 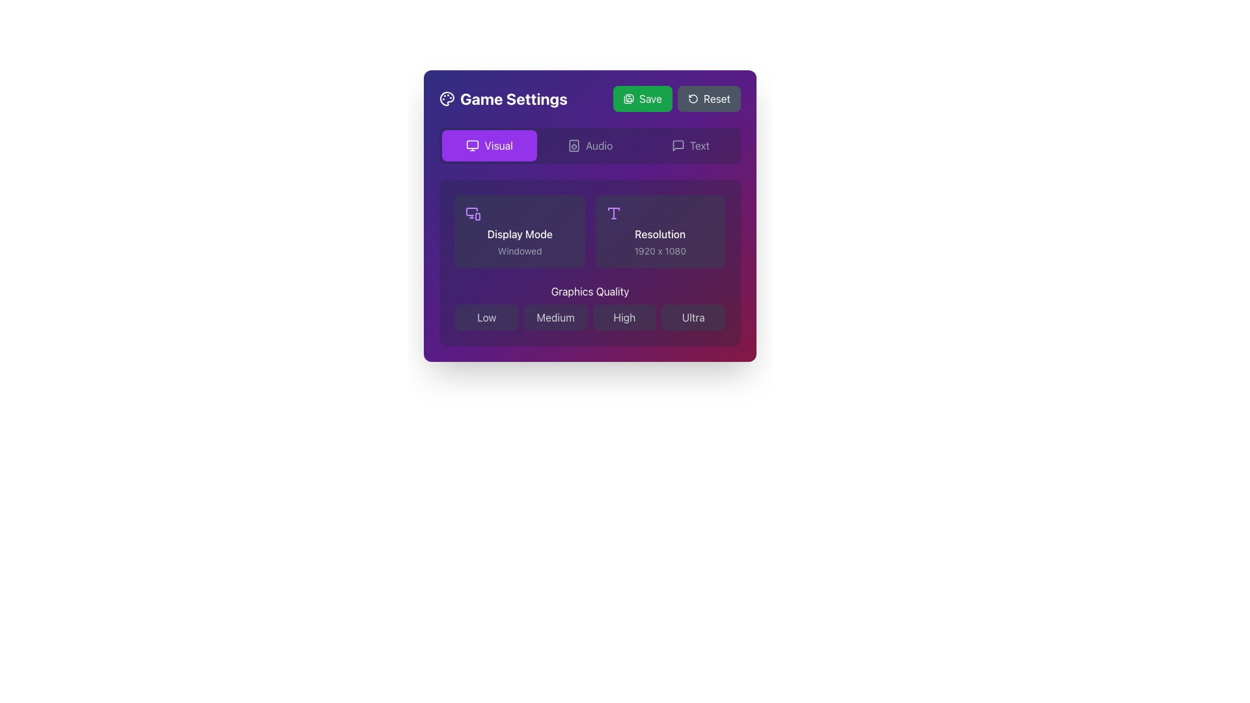 What do you see at coordinates (643, 98) in the screenshot?
I see `the 'Save' button with a green background and a floppy disk icon, located in the top-right corner of the 'Game Settings' card` at bounding box center [643, 98].